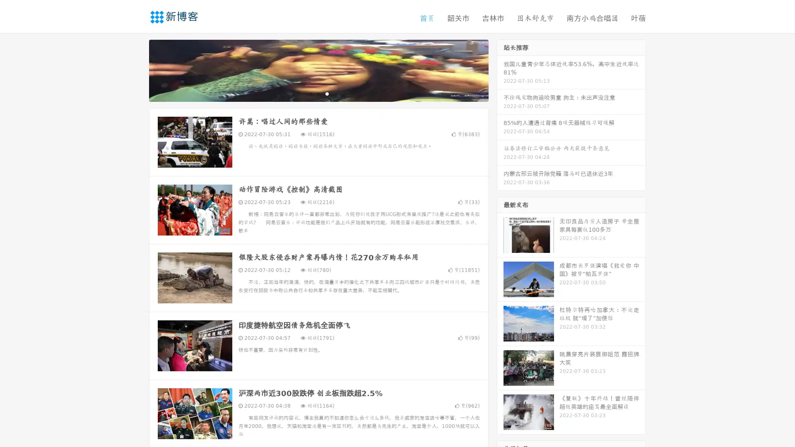 Image resolution: width=795 pixels, height=447 pixels. I want to click on Go to slide 1, so click(310, 93).